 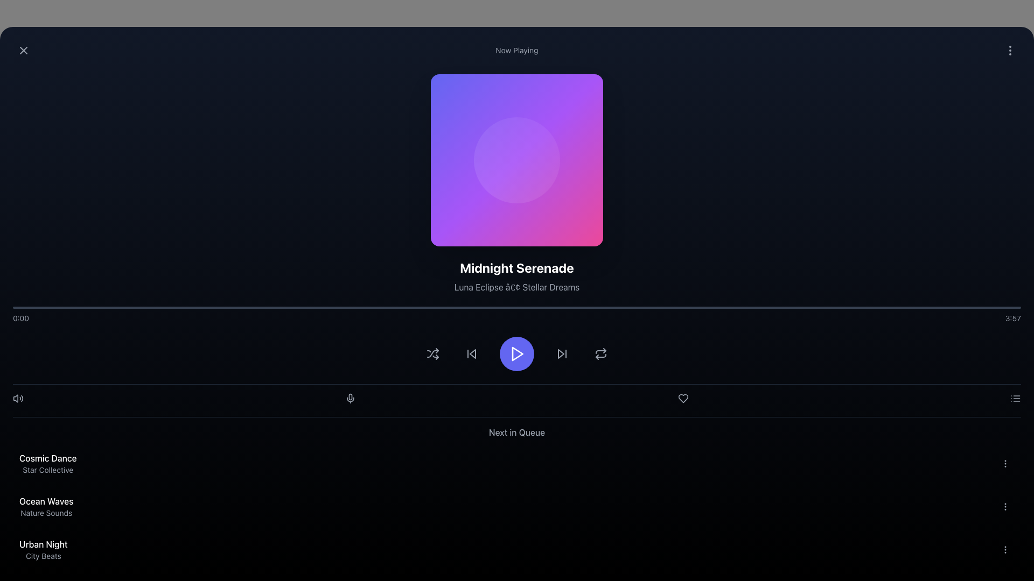 What do you see at coordinates (433, 354) in the screenshot?
I see `the small circular shuffle button located at the bottom left of the player control interface` at bounding box center [433, 354].